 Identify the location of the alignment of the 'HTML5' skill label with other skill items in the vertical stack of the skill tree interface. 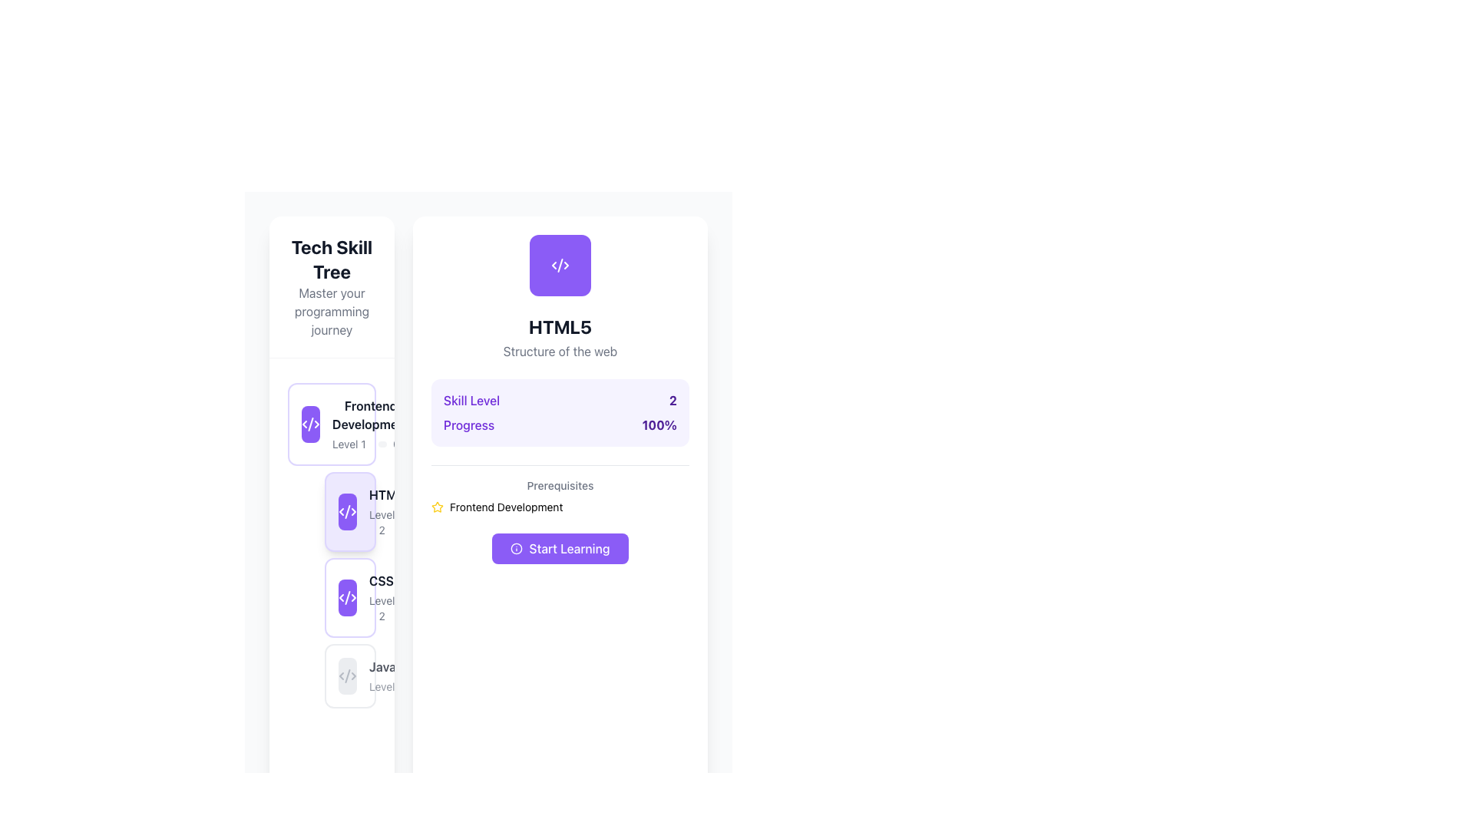
(390, 494).